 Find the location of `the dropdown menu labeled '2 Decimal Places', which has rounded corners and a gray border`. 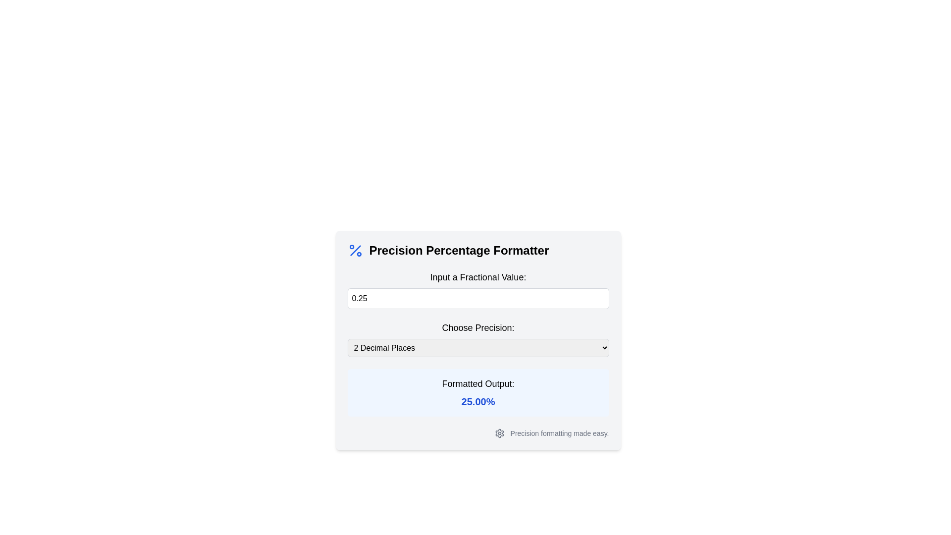

the dropdown menu labeled '2 Decimal Places', which has rounded corners and a gray border is located at coordinates (478, 347).